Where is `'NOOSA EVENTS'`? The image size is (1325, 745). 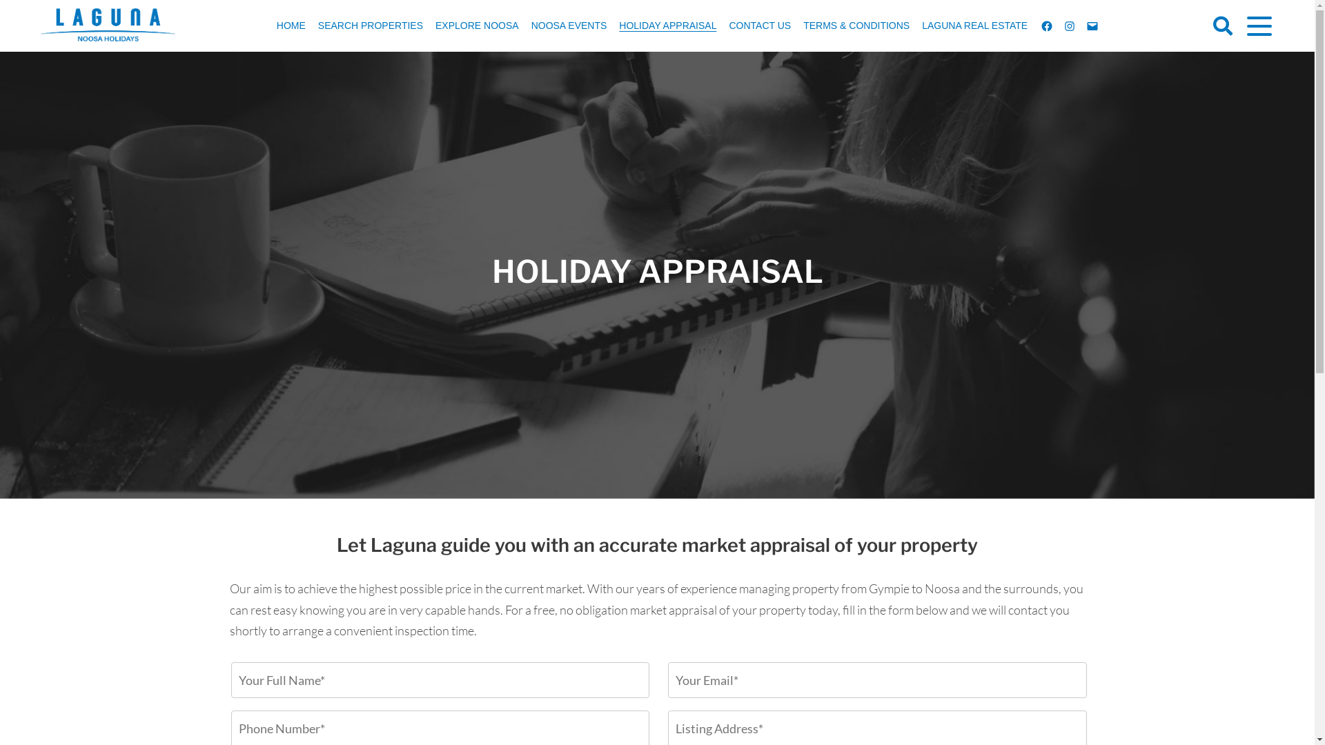
'NOOSA EVENTS' is located at coordinates (569, 26).